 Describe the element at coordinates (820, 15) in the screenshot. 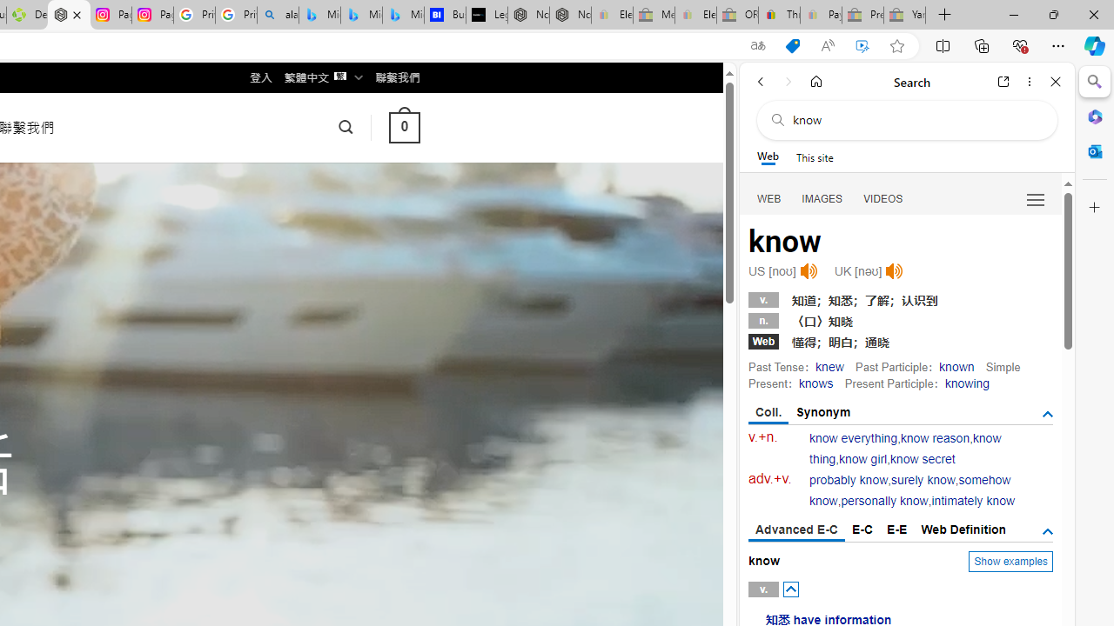

I see `'Payments Terms of Use | eBay.com - Sleeping'` at that location.